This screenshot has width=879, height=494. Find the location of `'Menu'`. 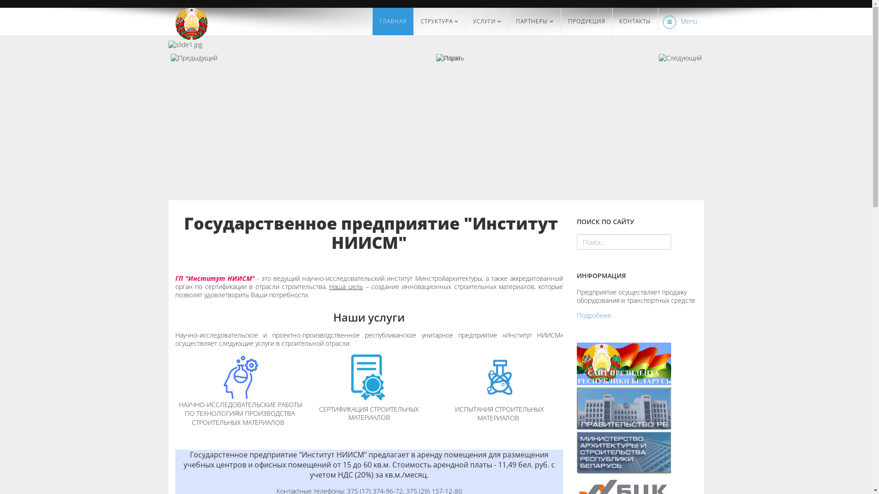

'Menu' is located at coordinates (678, 21).